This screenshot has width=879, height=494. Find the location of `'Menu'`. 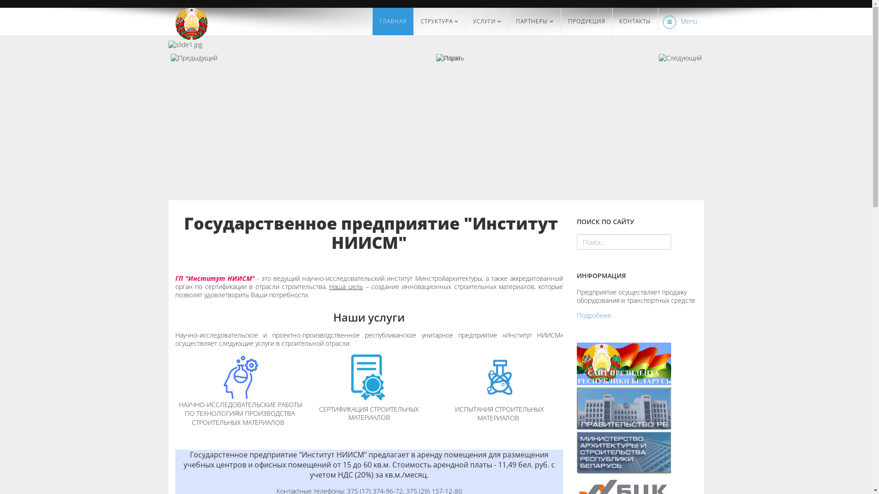

'Menu' is located at coordinates (678, 21).